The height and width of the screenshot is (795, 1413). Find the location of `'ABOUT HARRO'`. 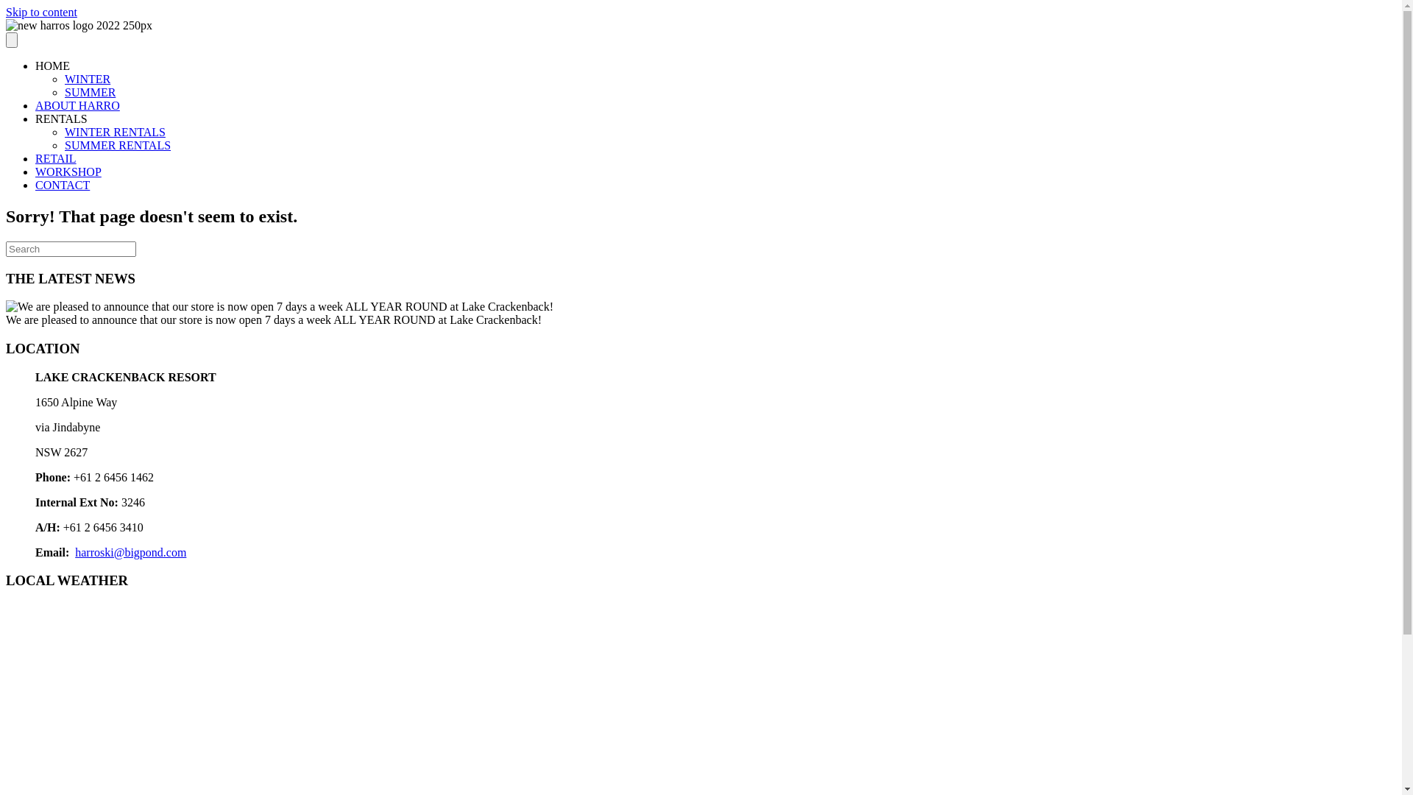

'ABOUT HARRO' is located at coordinates (77, 105).